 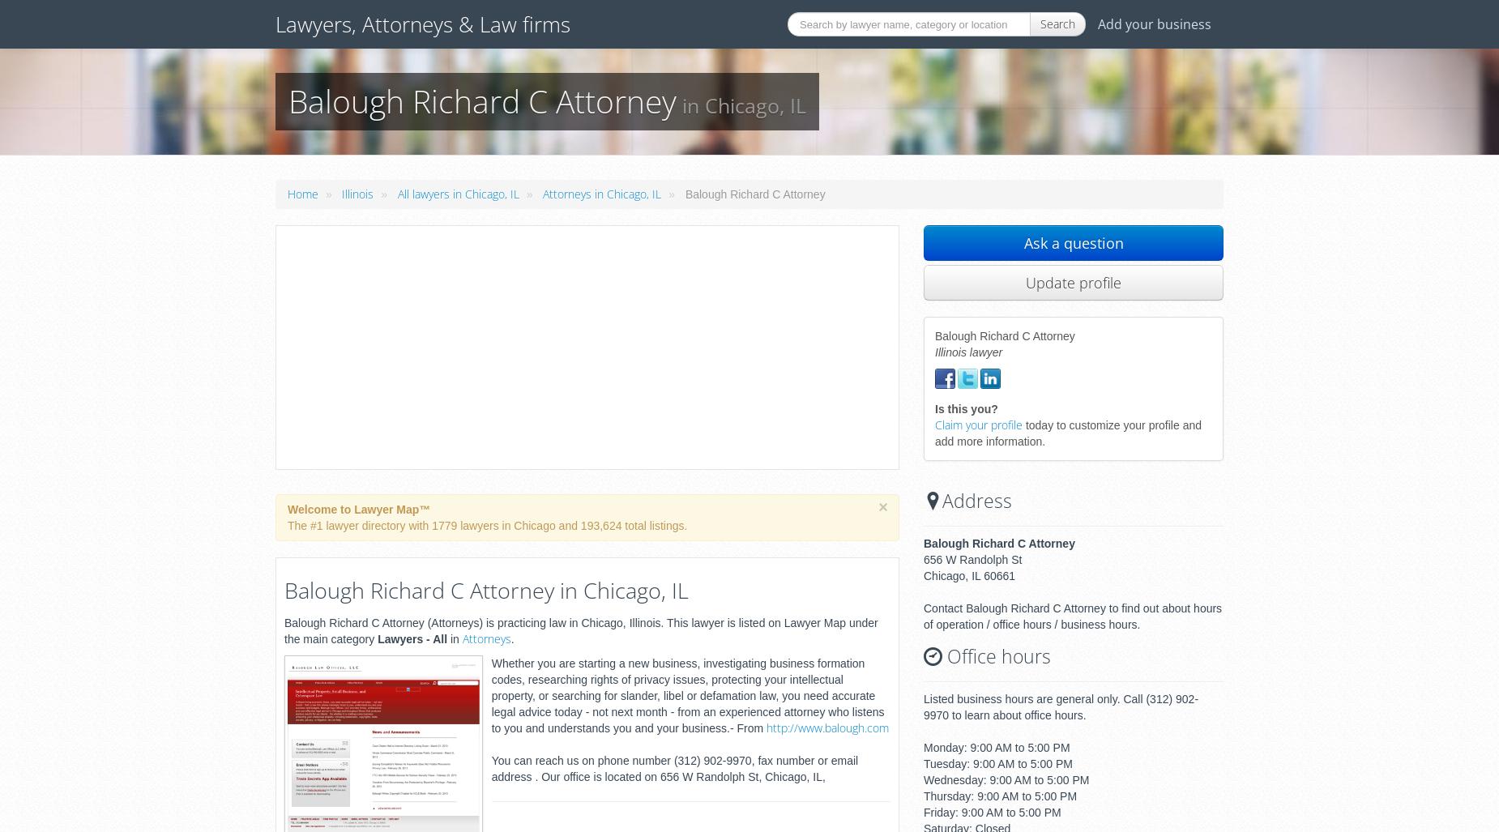 I want to click on 'Whether you are starting a new business, investigating business formation codes, researching rights of privacy issues, protecting your intellectual property, or searching for slander, libel or defamation law, you need accurate legal advice today - not next month - from an experienced attorney who listens to you and understands you and your business.- From', so click(x=687, y=693).